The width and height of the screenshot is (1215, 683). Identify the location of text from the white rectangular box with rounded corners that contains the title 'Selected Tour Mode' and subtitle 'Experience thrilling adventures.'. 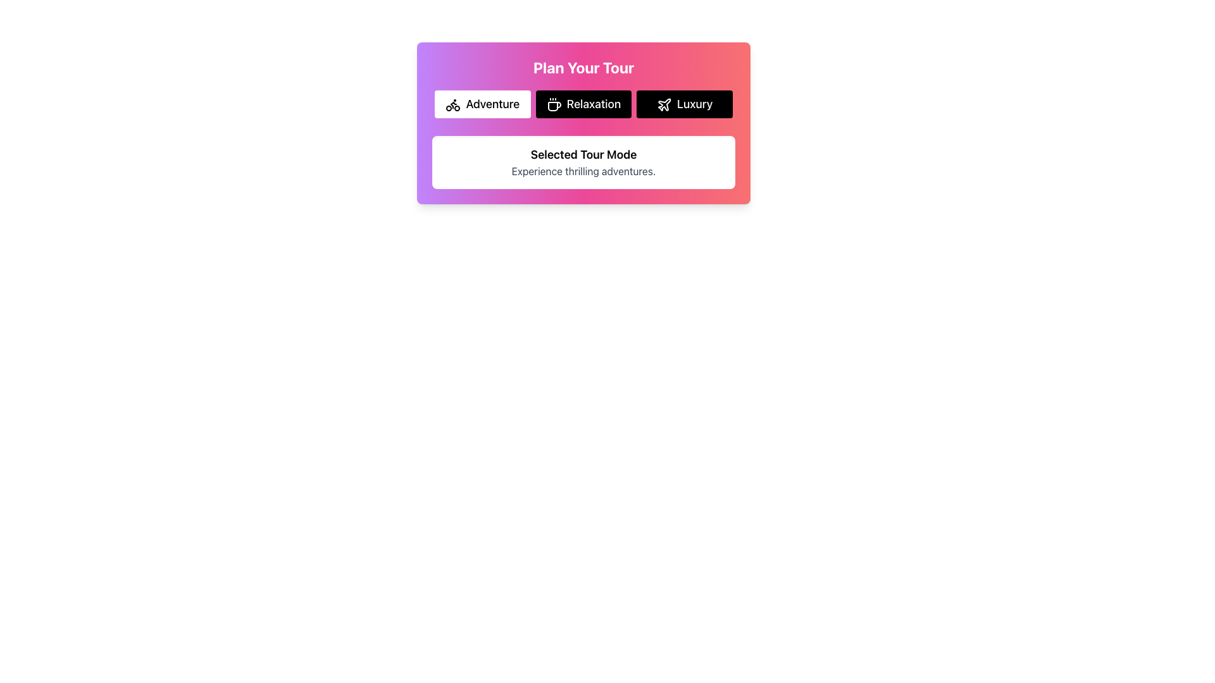
(583, 162).